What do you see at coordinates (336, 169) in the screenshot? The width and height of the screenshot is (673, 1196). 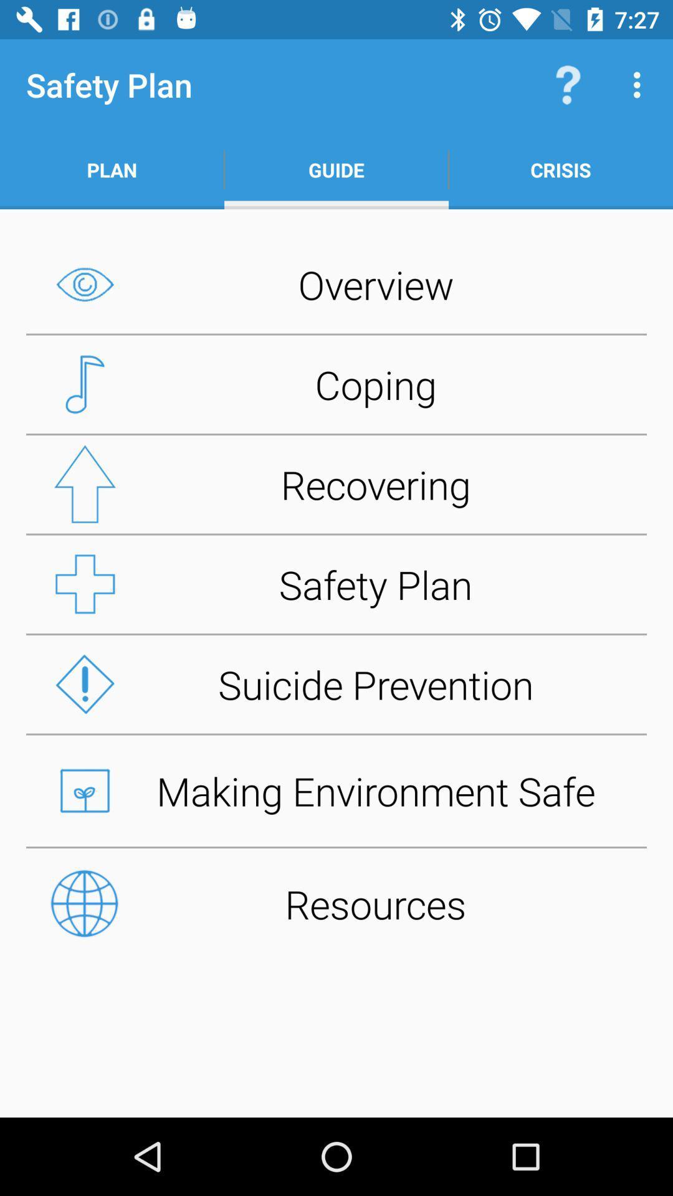 I see `the icon above the overview icon` at bounding box center [336, 169].